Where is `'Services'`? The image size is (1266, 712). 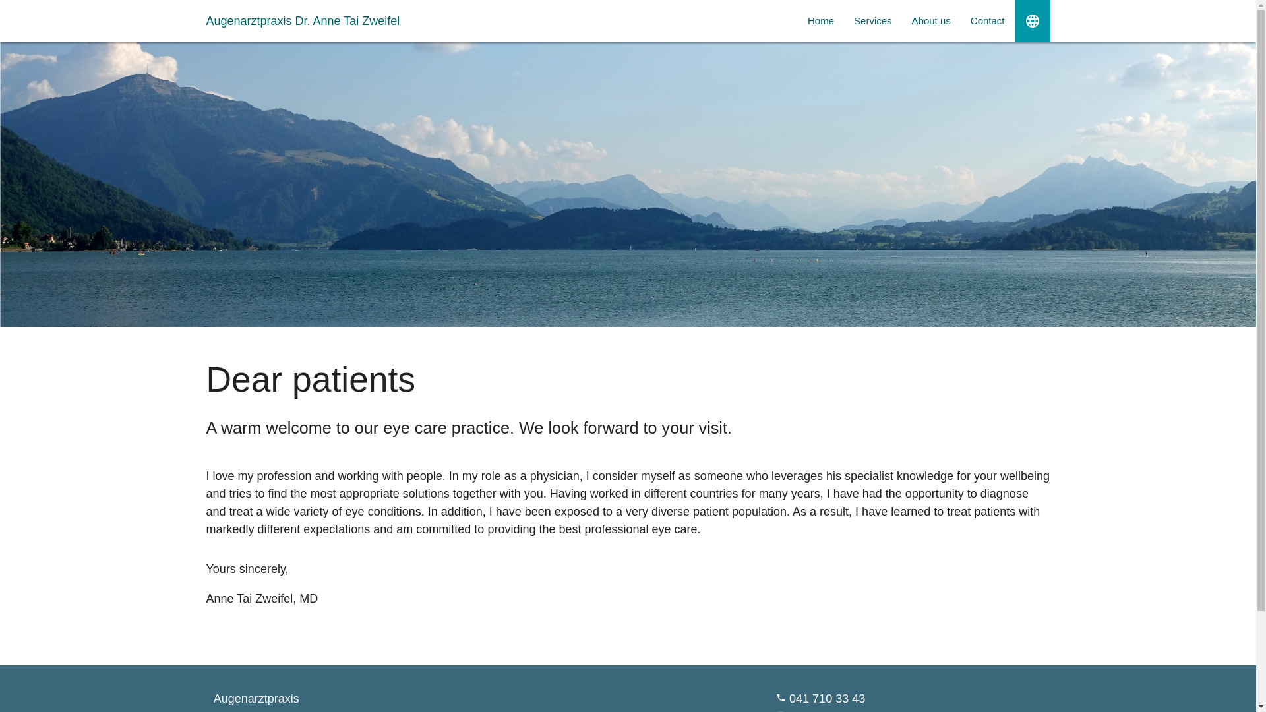
'Services' is located at coordinates (873, 20).